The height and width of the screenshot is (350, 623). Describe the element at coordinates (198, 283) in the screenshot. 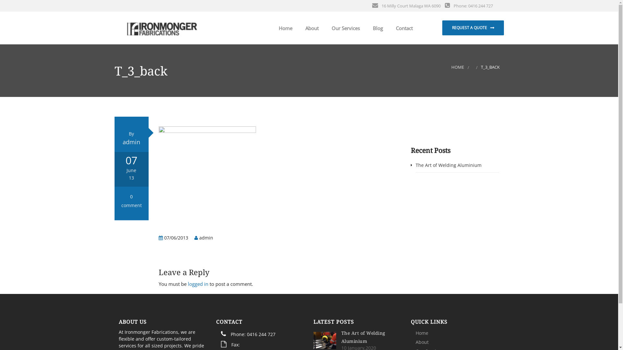

I see `'logged in'` at that location.